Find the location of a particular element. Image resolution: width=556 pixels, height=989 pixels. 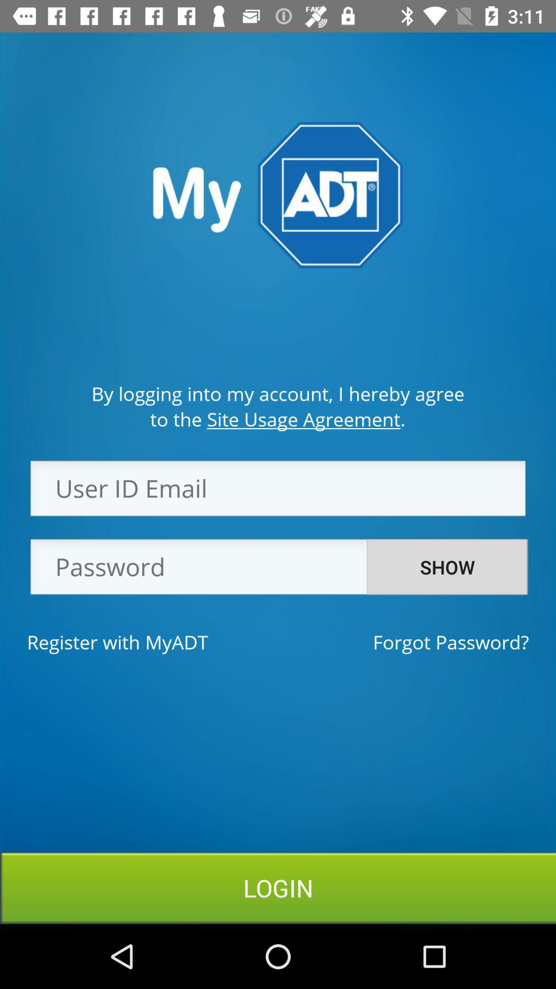

the forgot password? icon is located at coordinates (450, 641).